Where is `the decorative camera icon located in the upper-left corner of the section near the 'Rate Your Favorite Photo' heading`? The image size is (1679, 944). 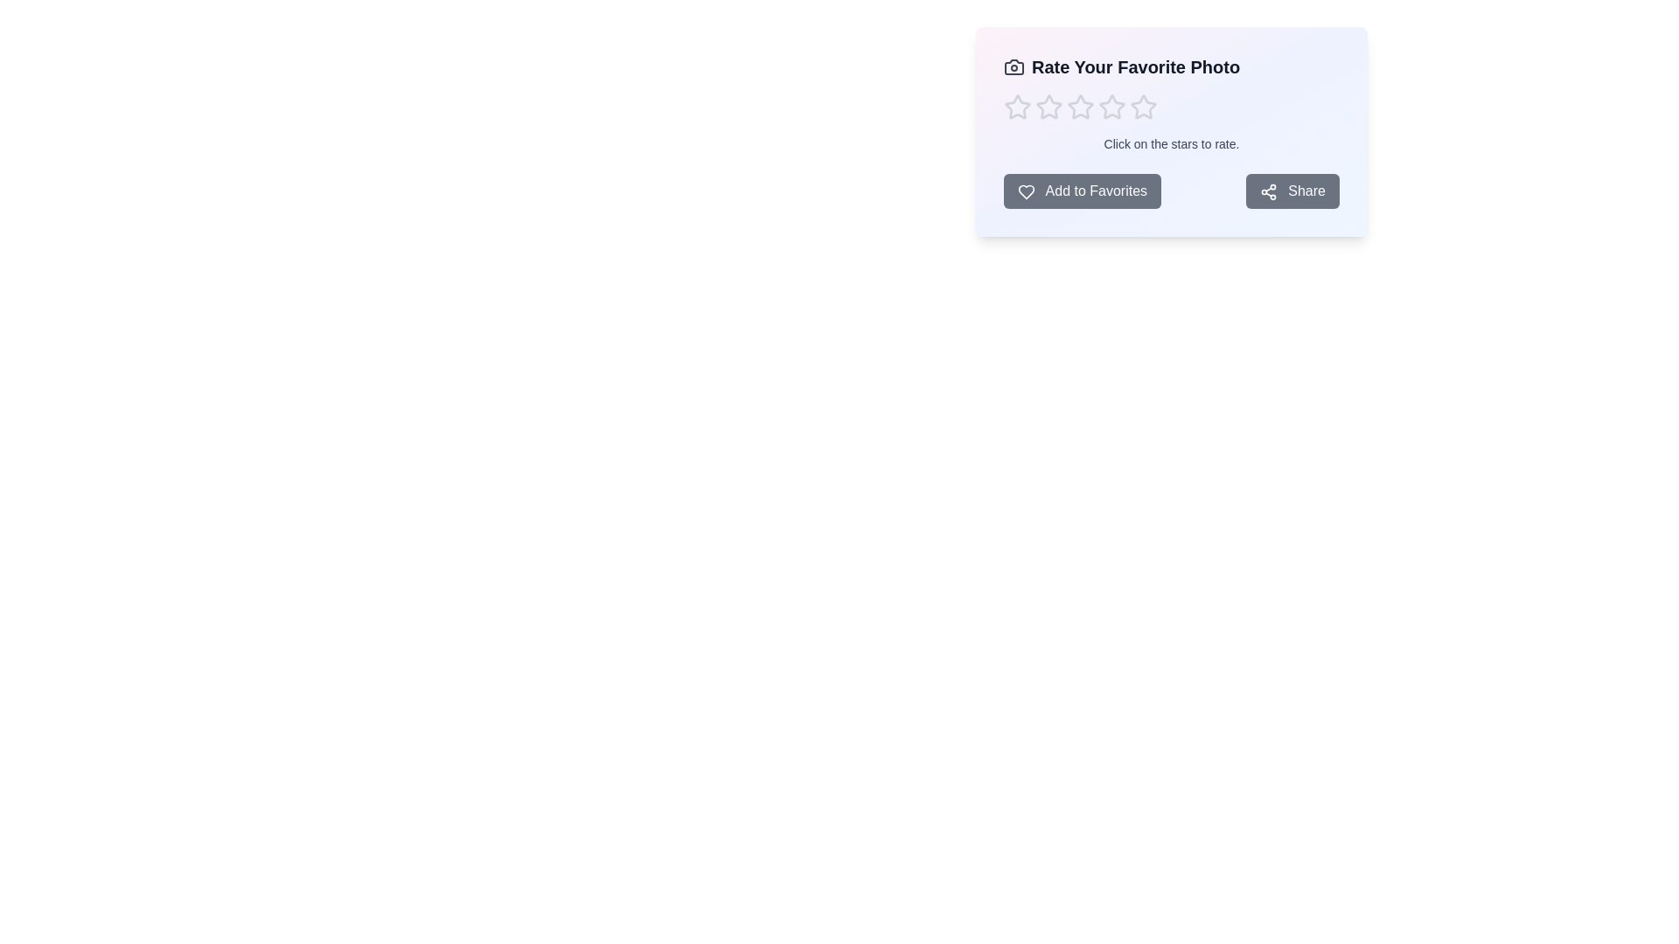 the decorative camera icon located in the upper-left corner of the section near the 'Rate Your Favorite Photo' heading is located at coordinates (1014, 66).